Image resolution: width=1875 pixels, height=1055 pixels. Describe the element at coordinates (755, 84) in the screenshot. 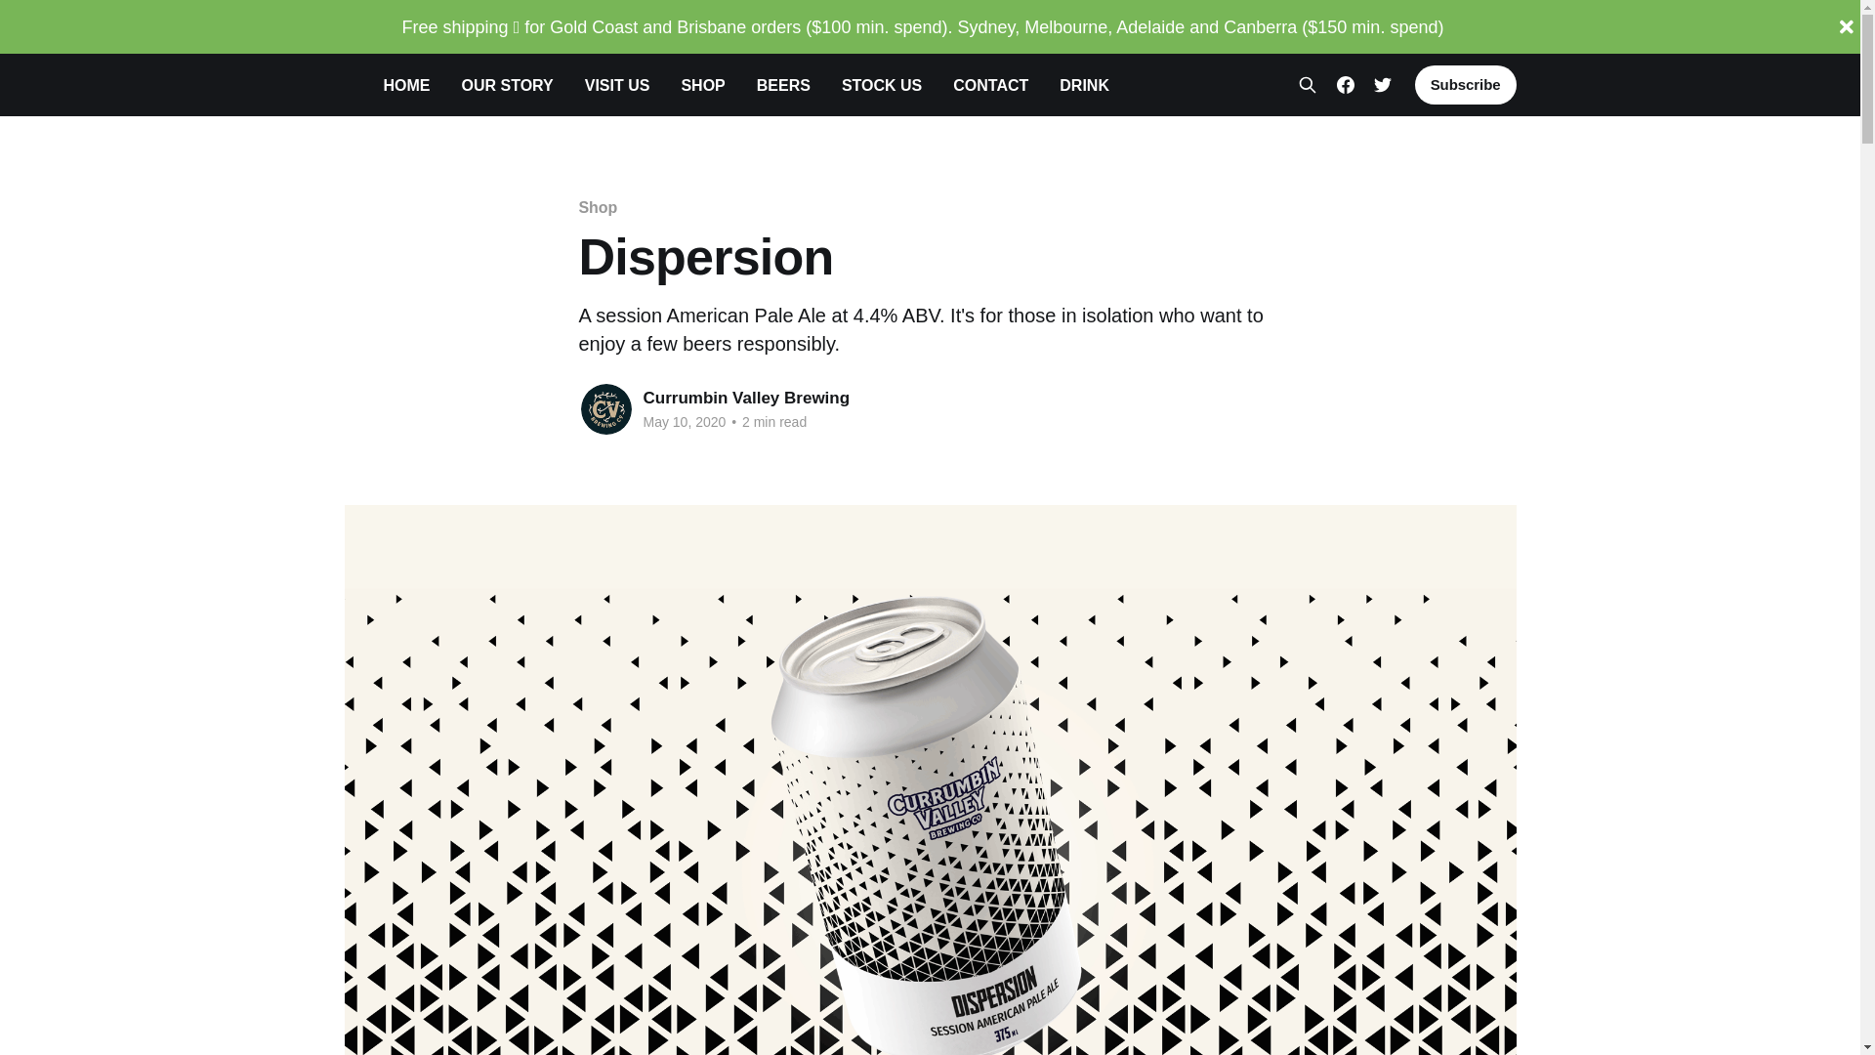

I see `'BEERS'` at that location.